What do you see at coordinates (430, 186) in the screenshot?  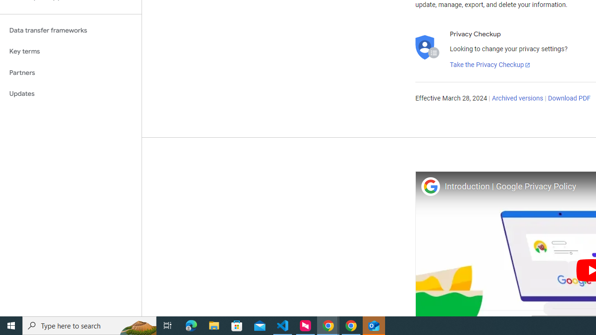 I see `'Photo image of Google'` at bounding box center [430, 186].